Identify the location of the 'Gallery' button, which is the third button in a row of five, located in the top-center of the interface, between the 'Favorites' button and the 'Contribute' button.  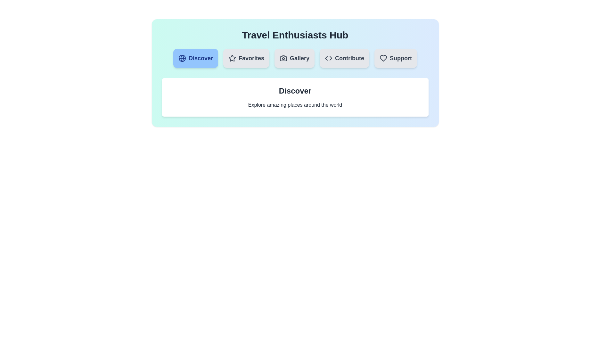
(294, 58).